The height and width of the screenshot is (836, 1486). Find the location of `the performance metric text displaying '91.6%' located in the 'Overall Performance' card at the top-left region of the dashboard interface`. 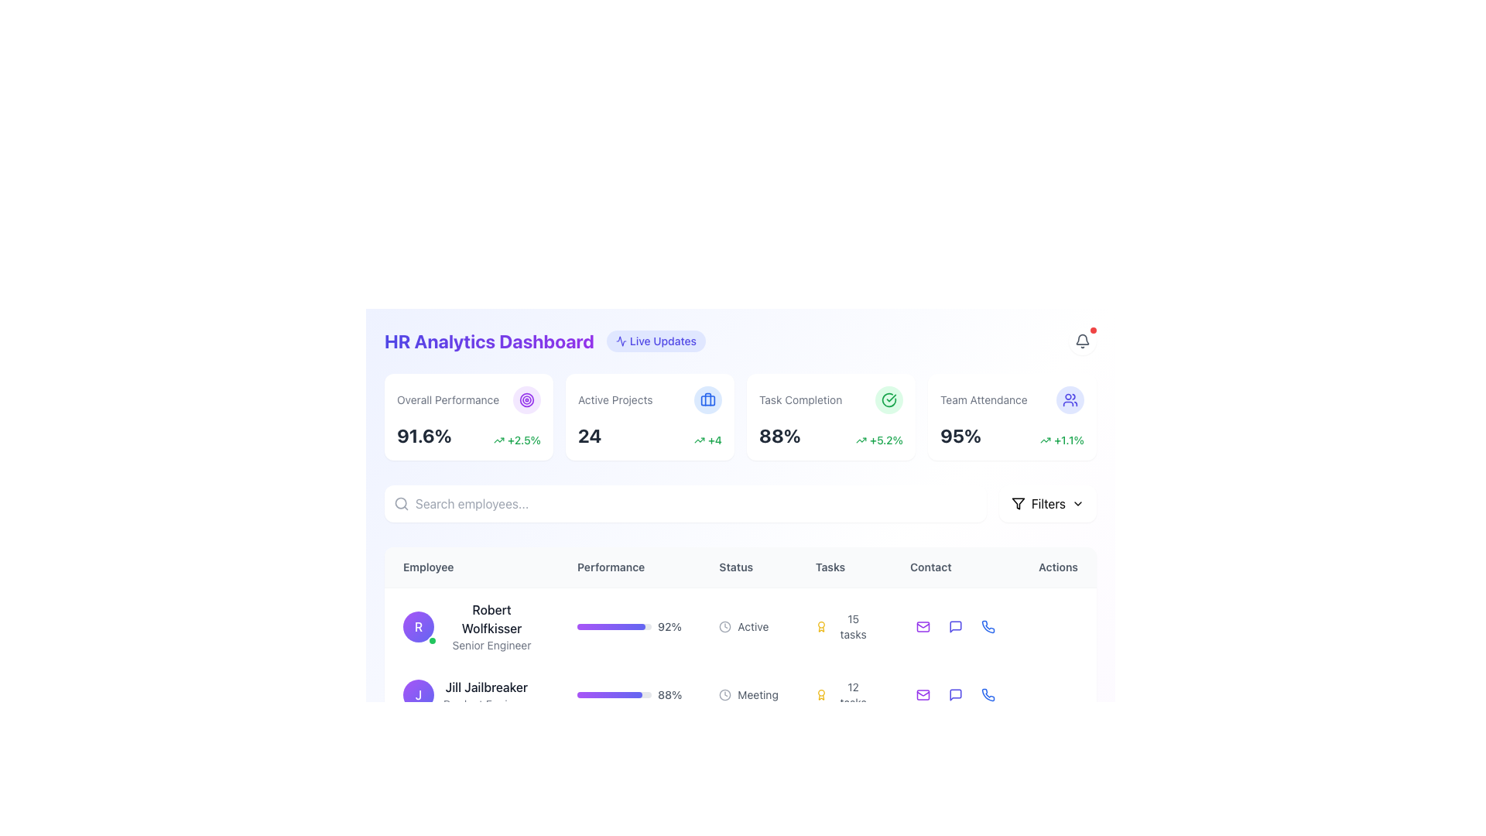

the performance metric text displaying '91.6%' located in the 'Overall Performance' card at the top-left region of the dashboard interface is located at coordinates (424, 436).